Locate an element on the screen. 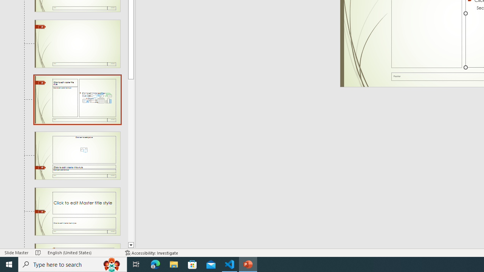 This screenshot has height=272, width=484. 'Slide Title and Caption Layout: used by no slides' is located at coordinates (77, 211).